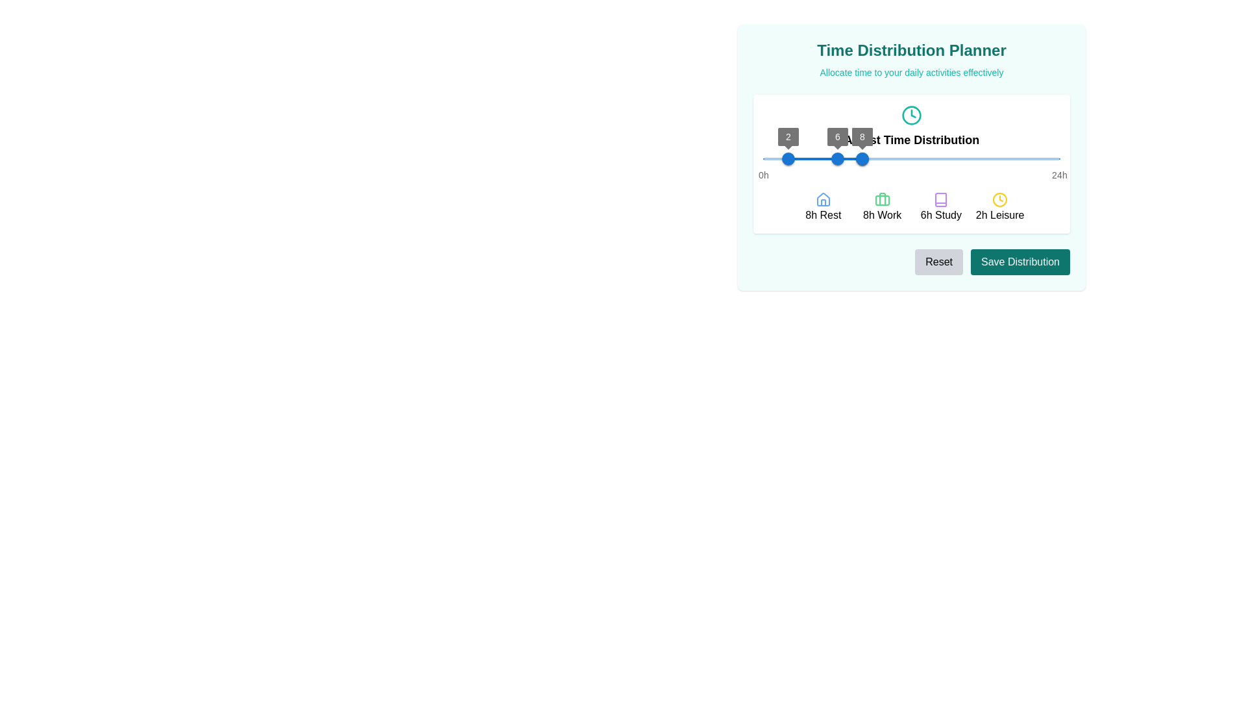 The width and height of the screenshot is (1246, 701). I want to click on the label with the green briefcase icon and the text '8h Work', which is the second entry in a four-column grid representing time allocations for activities, so click(882, 207).